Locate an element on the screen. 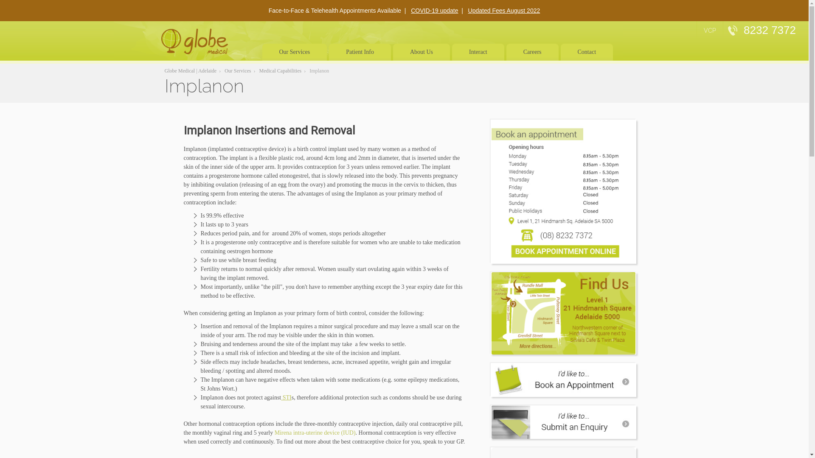 This screenshot has height=458, width=815. 'Updated Fees August 2022' is located at coordinates (504, 10).